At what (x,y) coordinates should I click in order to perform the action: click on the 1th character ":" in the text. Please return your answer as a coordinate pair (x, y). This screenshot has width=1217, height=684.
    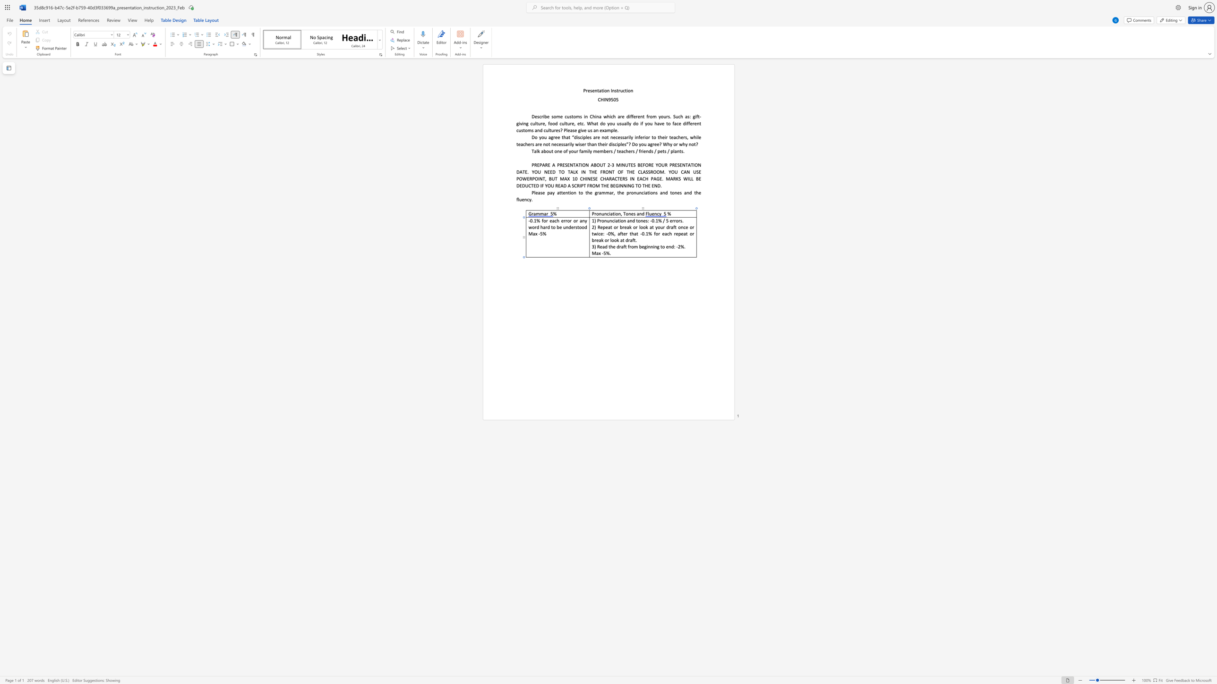
    Looking at the image, I should click on (674, 246).